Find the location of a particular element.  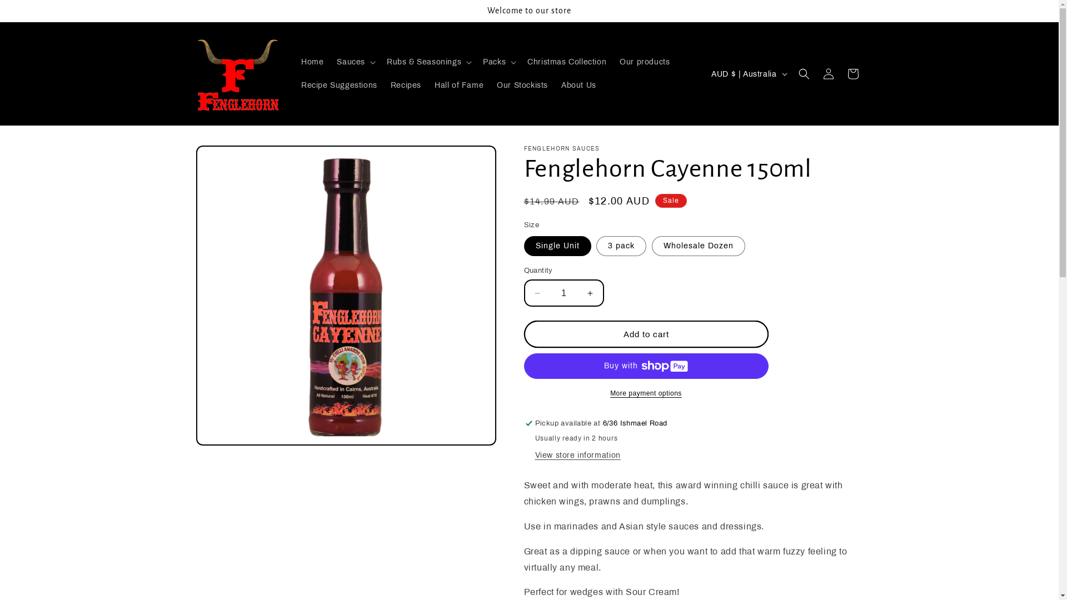

'Our Stockists' is located at coordinates (522, 85).